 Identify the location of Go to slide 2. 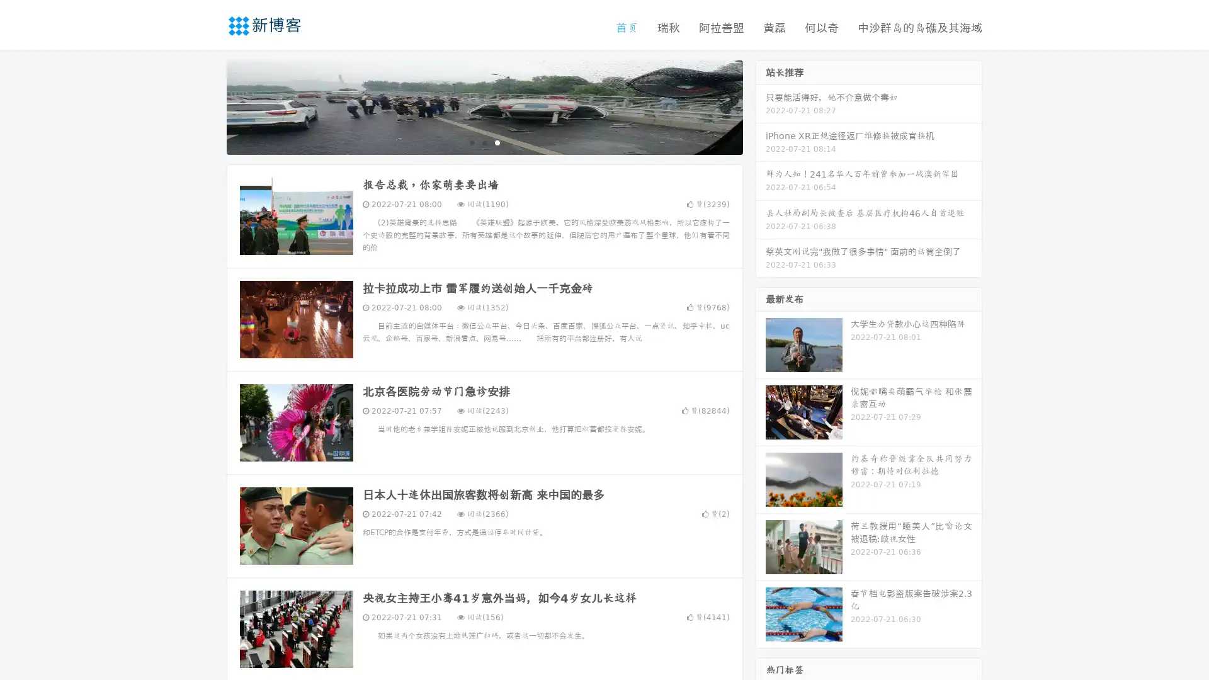
(484, 142).